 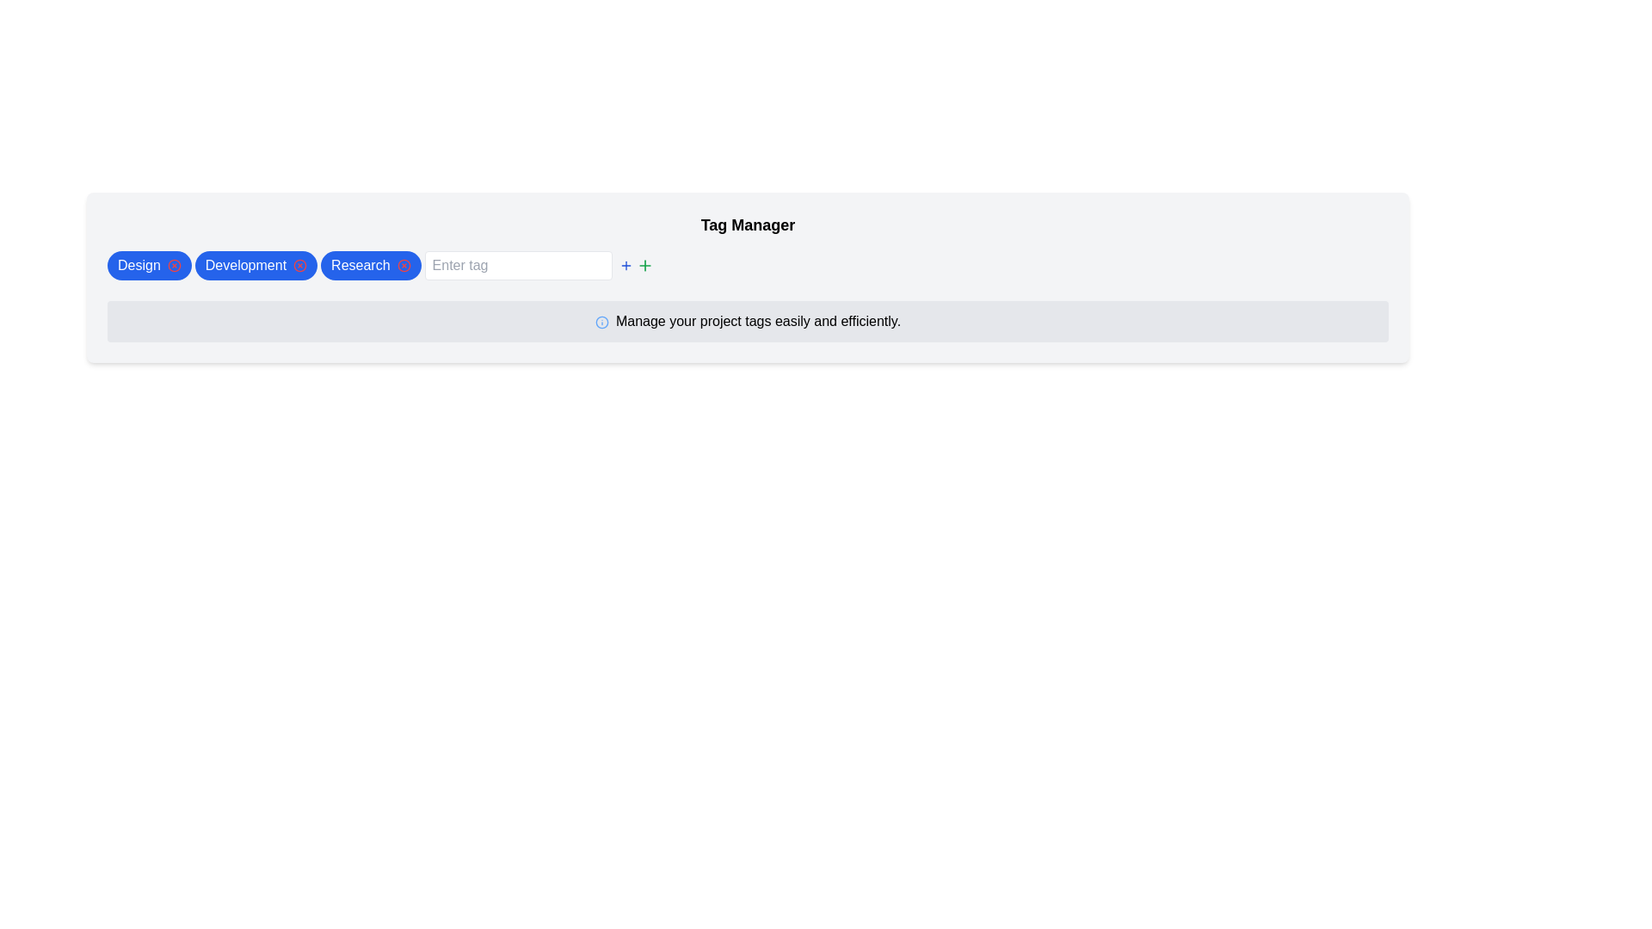 What do you see at coordinates (601, 322) in the screenshot?
I see `the blue circle, which is part of an SVG icon located near the top-center area of the interface, to trigger the tooltip or information display` at bounding box center [601, 322].